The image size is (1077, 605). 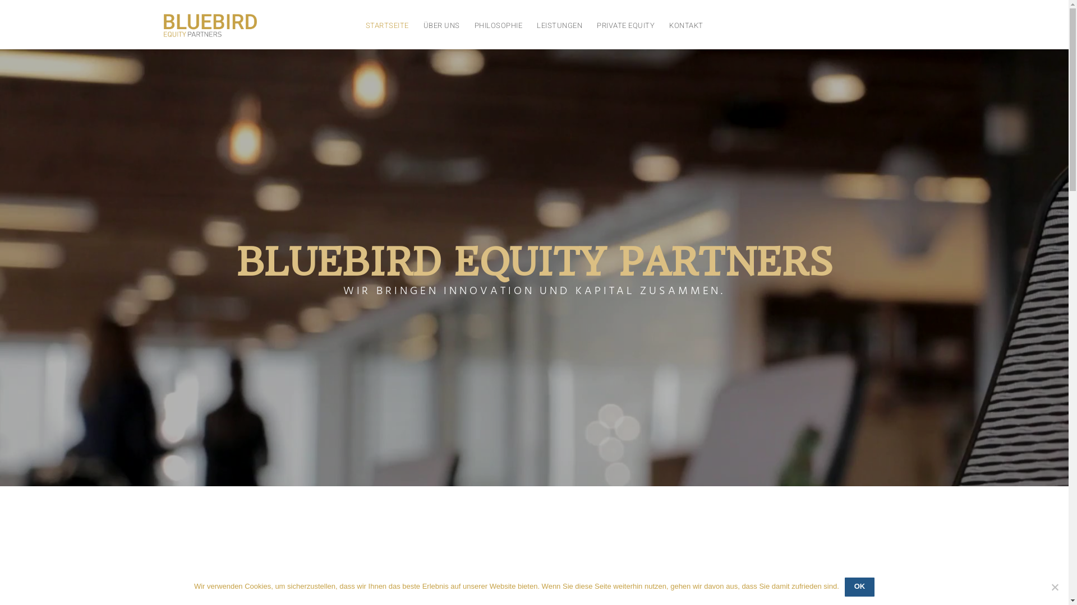 I want to click on 'STARTSEITE', so click(x=386, y=25).